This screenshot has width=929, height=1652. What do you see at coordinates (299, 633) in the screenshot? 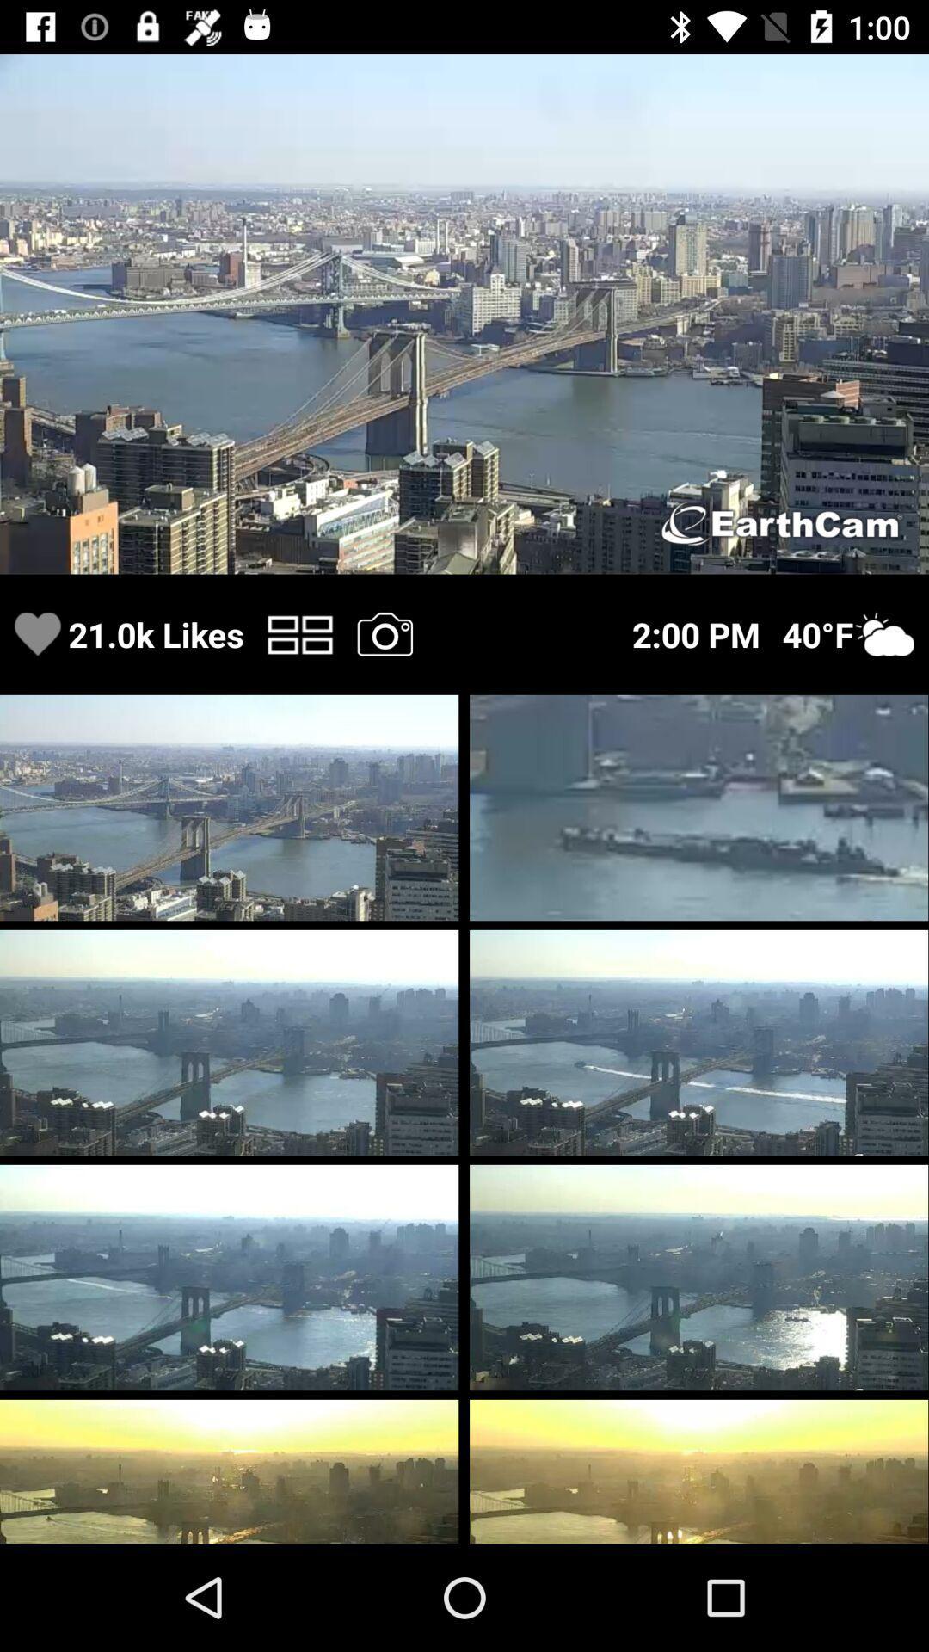
I see `the dashboard icon` at bounding box center [299, 633].